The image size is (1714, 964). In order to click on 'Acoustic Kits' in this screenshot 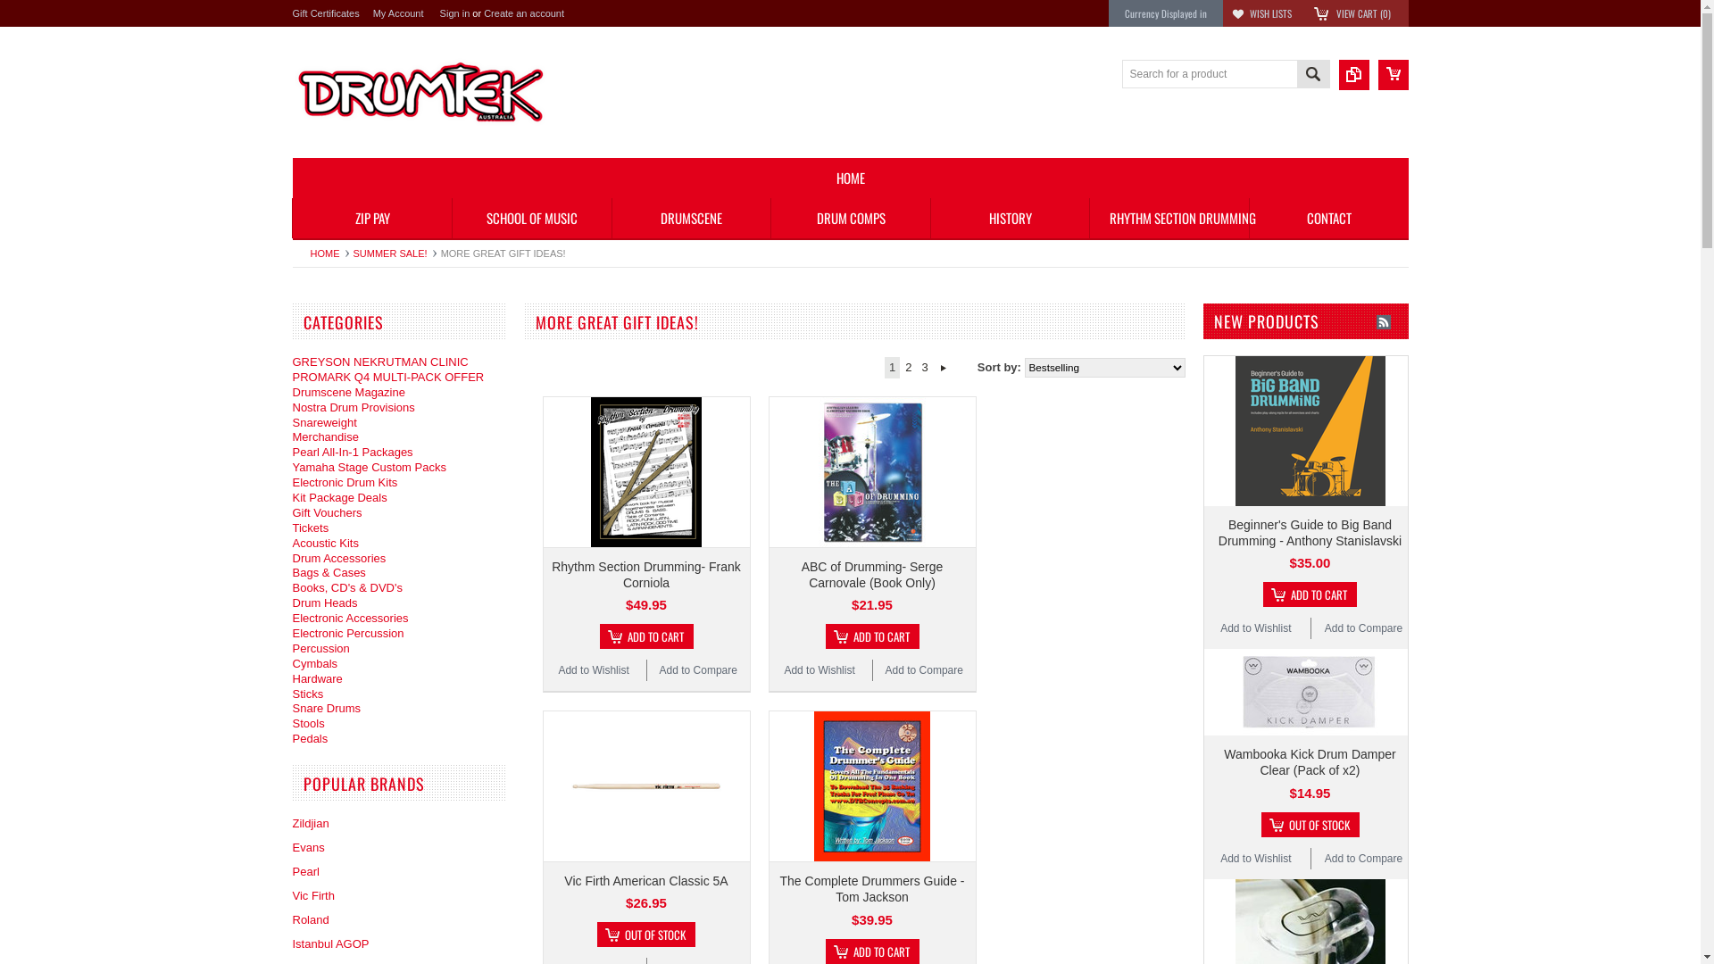, I will do `click(325, 542)`.